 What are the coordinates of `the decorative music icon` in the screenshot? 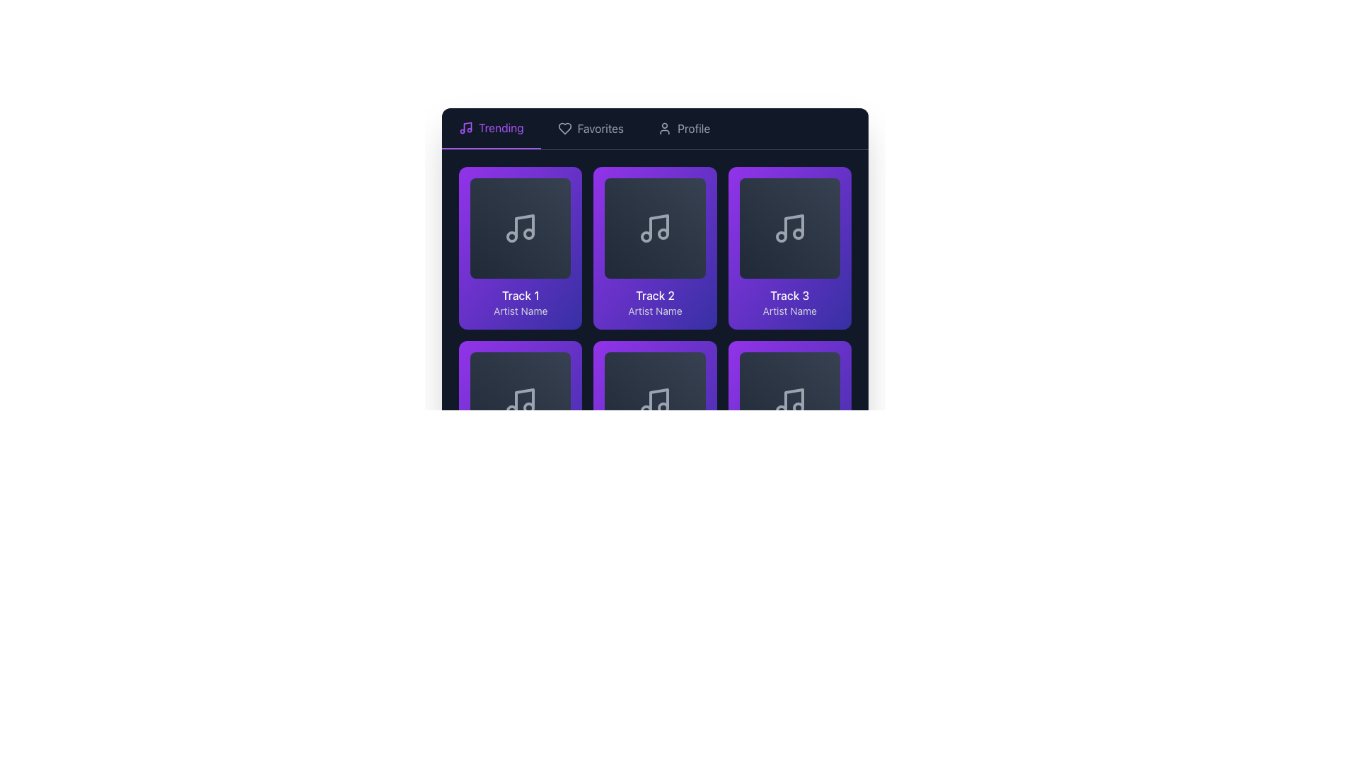 It's located at (520, 228).